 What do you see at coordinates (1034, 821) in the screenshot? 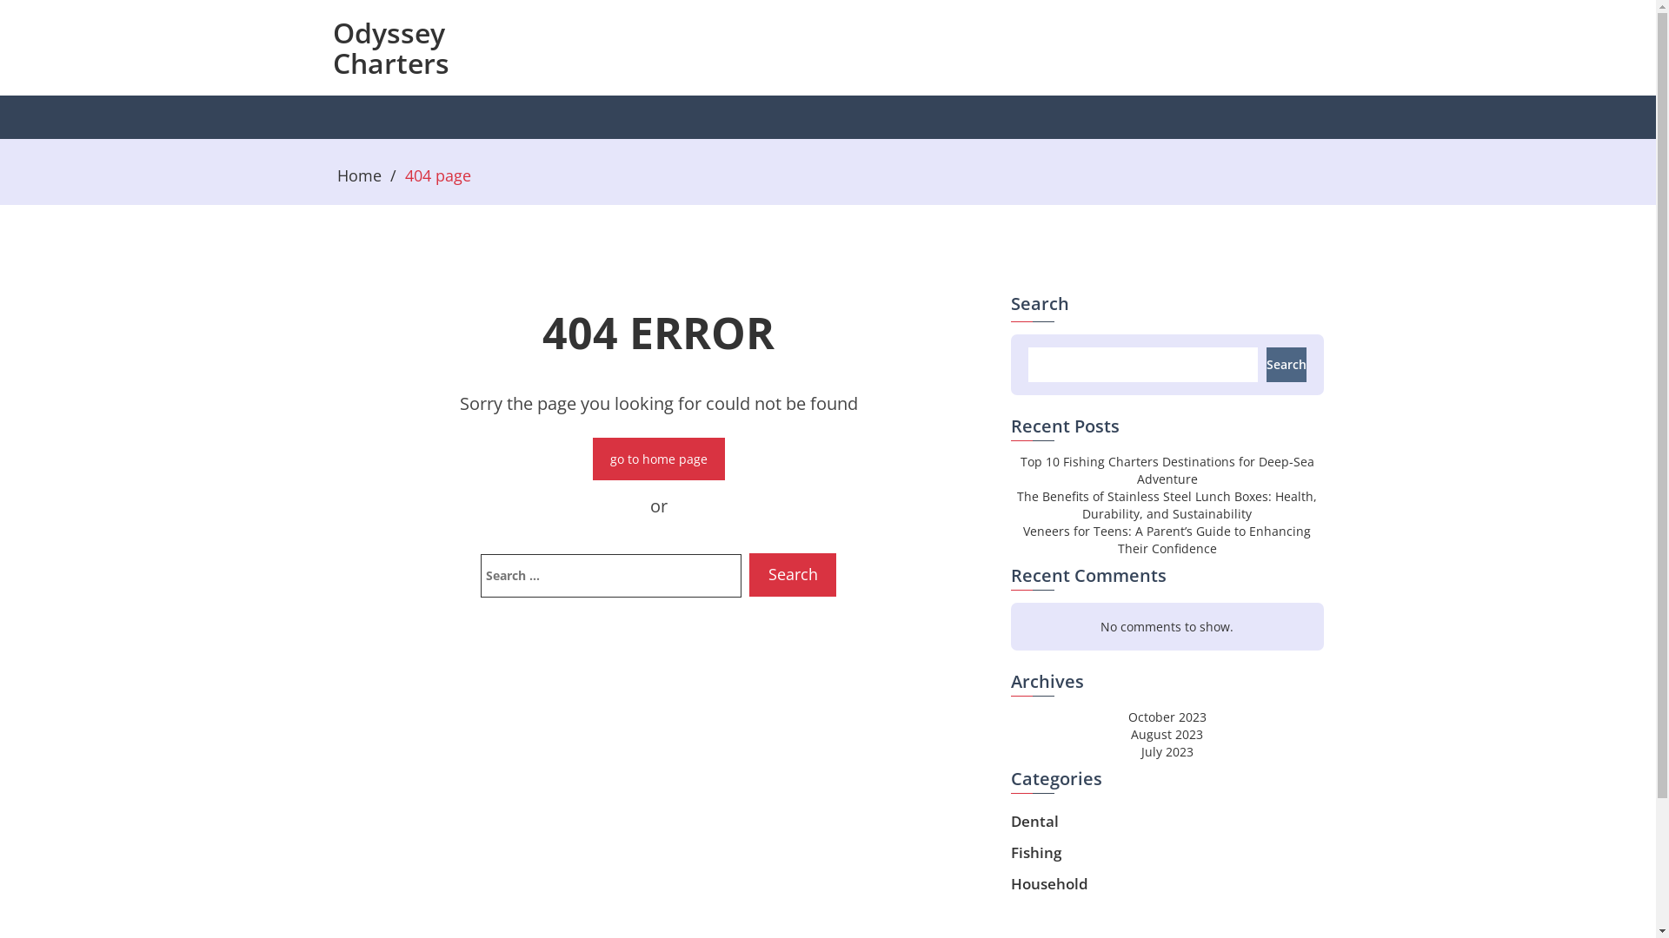
I see `'Dental'` at bounding box center [1034, 821].